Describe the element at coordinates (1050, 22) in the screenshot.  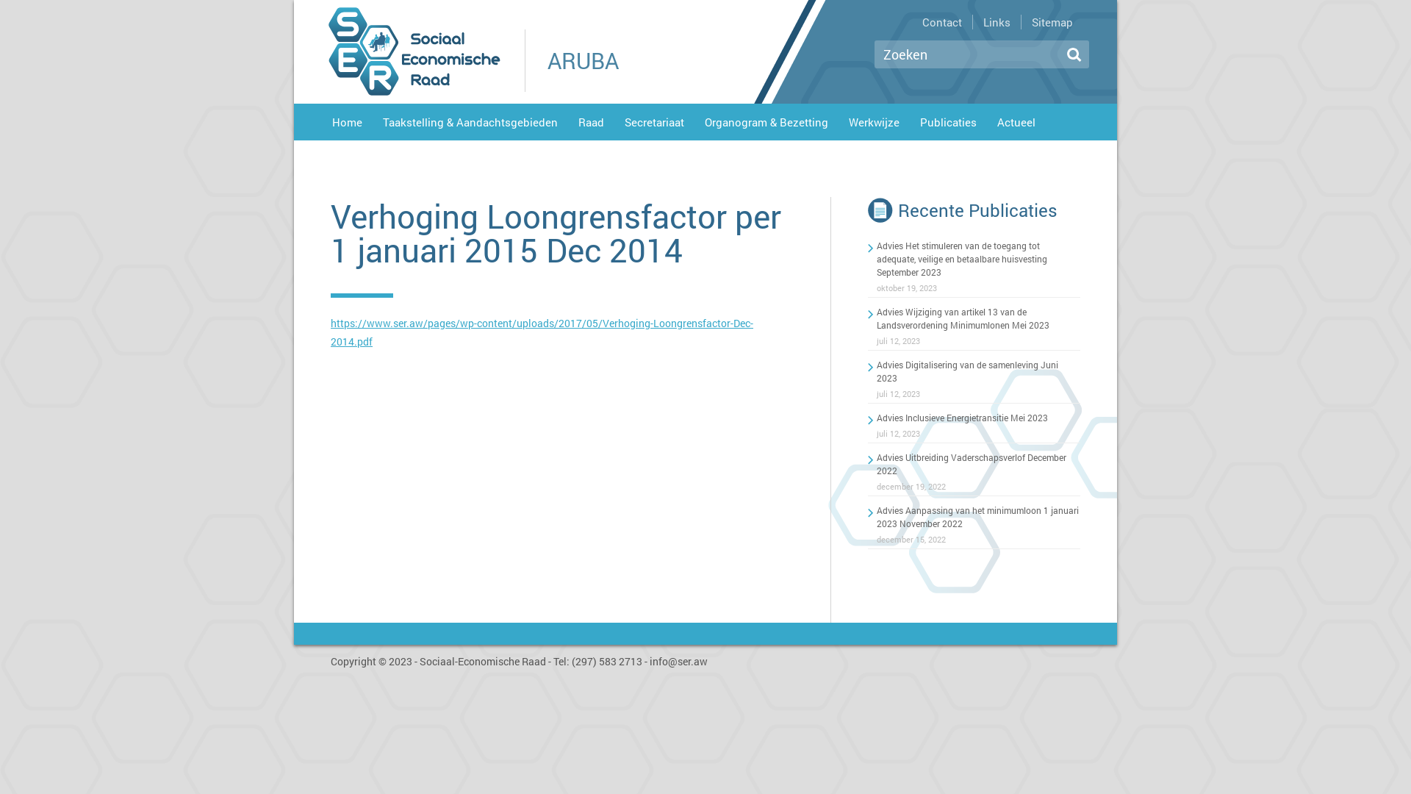
I see `'Sitemap'` at that location.